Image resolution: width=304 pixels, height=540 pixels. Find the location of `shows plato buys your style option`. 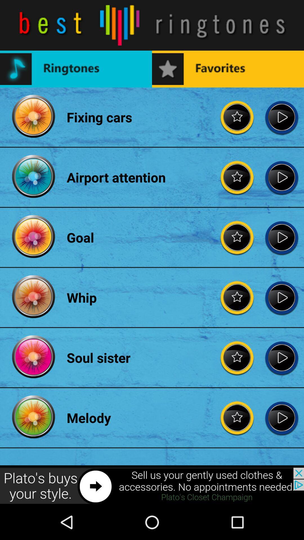

shows plato buys your style option is located at coordinates (152, 486).